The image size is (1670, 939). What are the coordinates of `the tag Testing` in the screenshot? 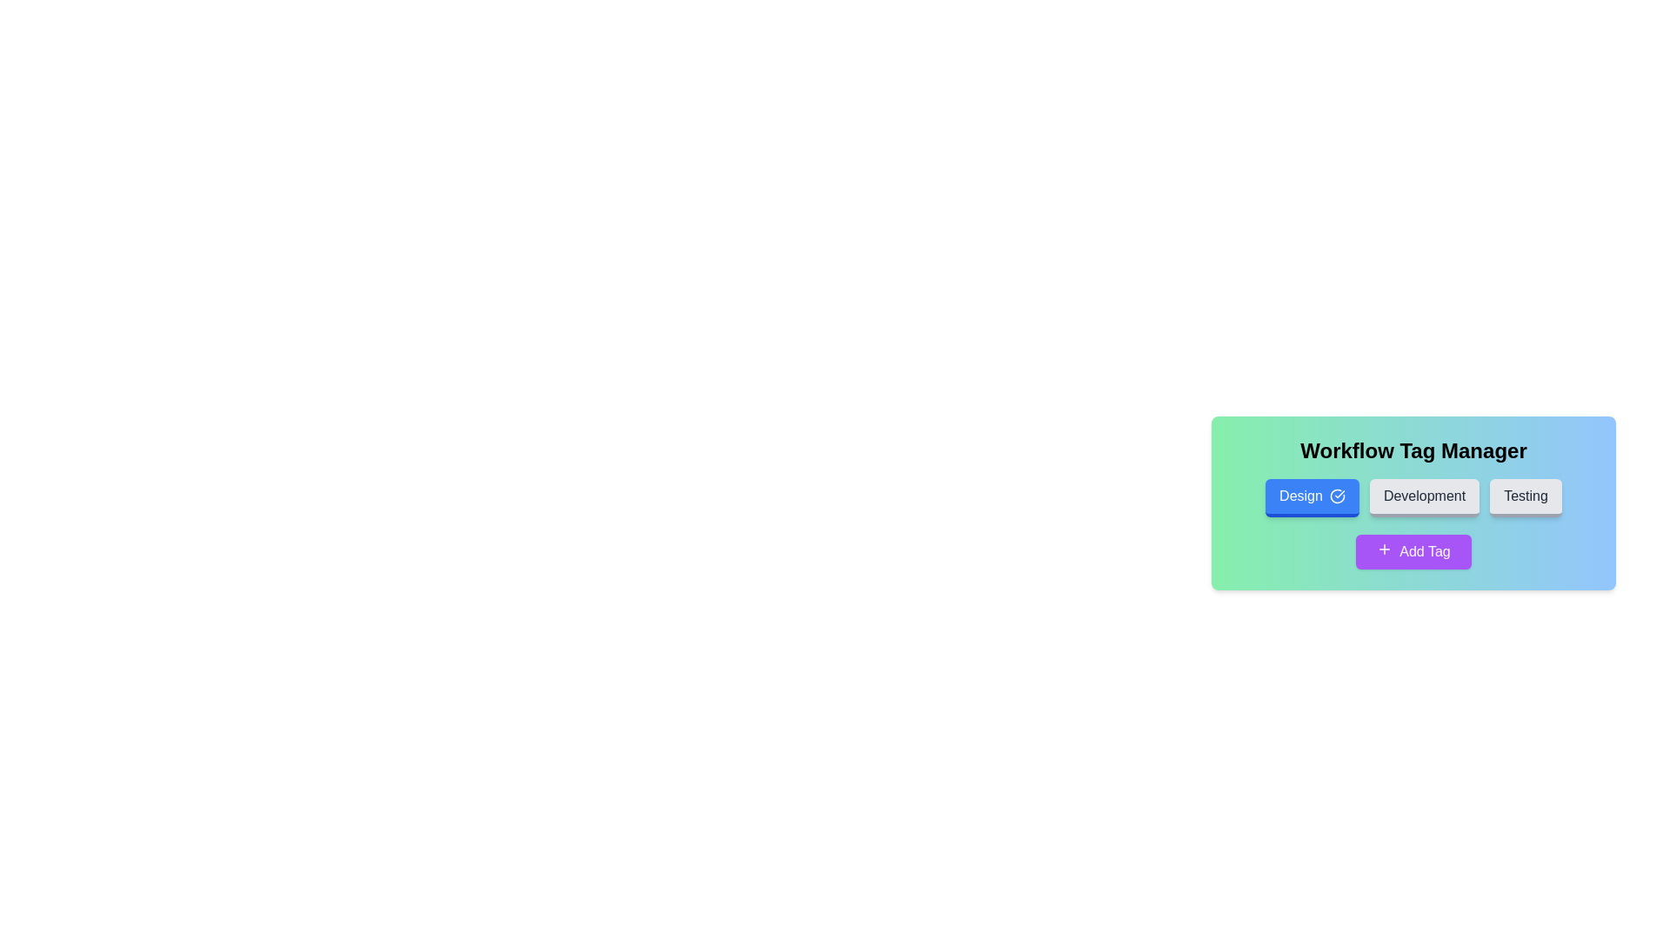 It's located at (1524, 498).